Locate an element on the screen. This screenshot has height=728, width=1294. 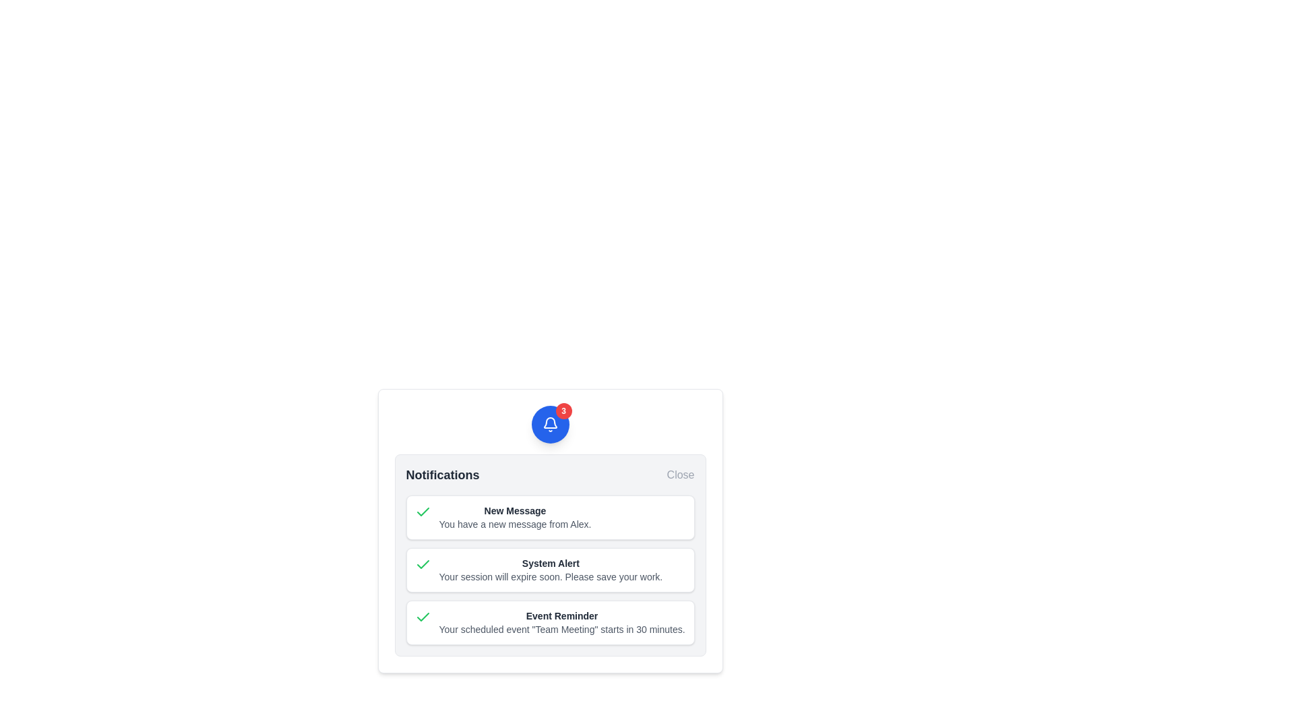
the text-based notification component that alerts about impending session expiration, positioned in the middle section of the notification panel between 'New Message' and 'Event Reminder' is located at coordinates (551, 570).